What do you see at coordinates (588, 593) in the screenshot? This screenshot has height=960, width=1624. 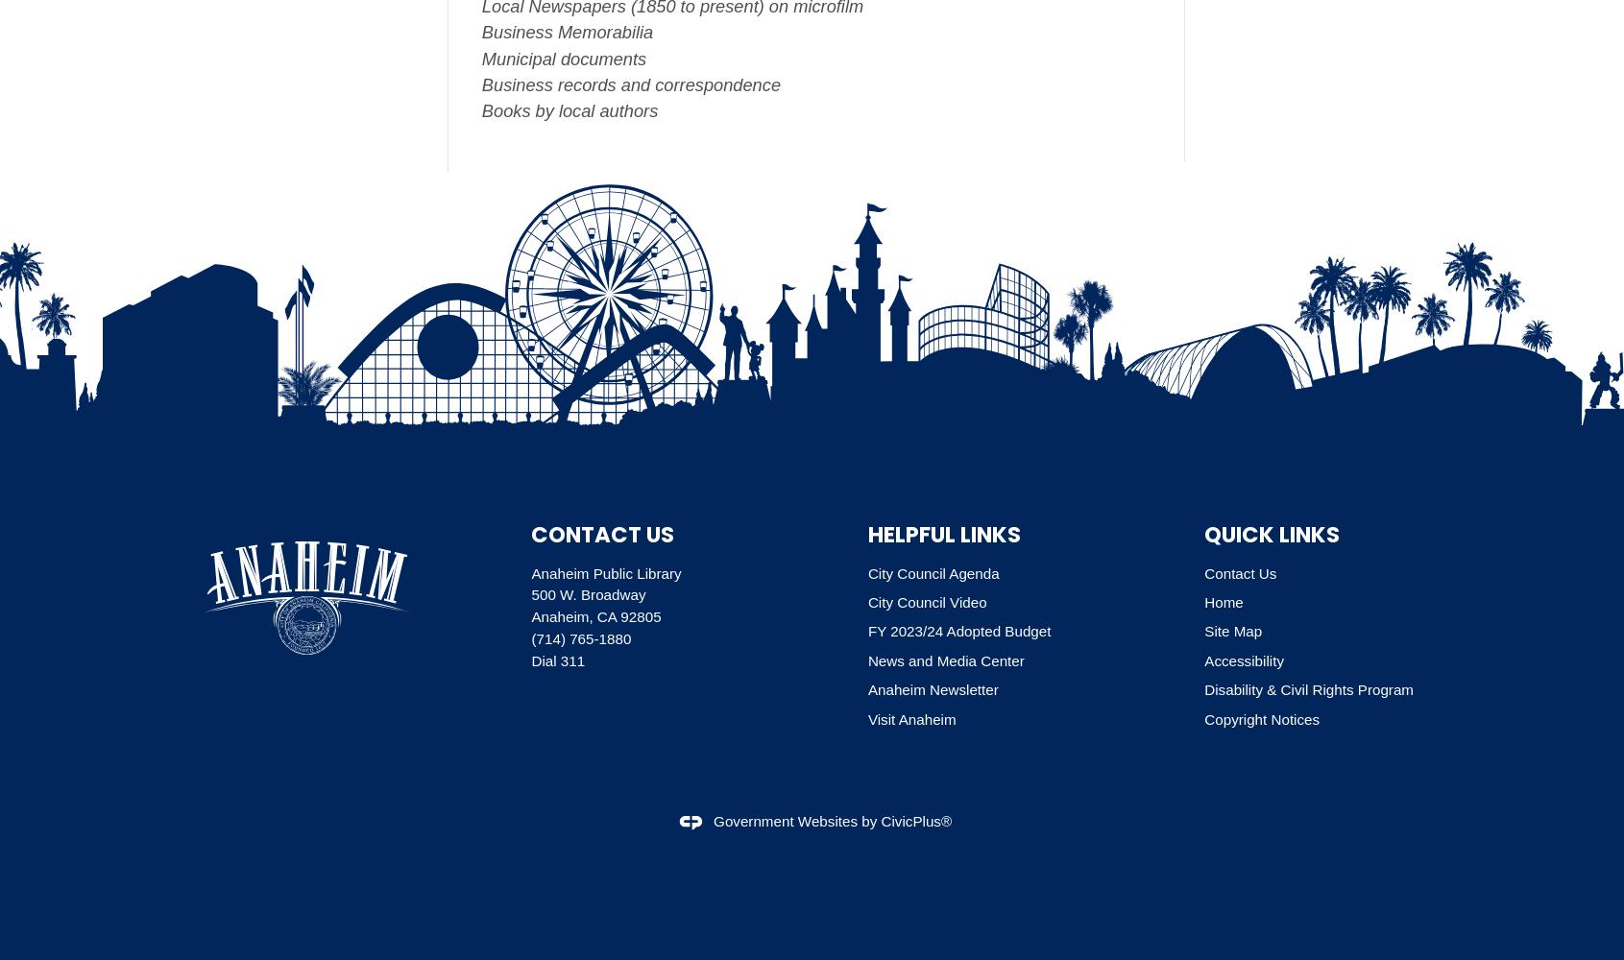 I see `'500 W. Broadway'` at bounding box center [588, 593].